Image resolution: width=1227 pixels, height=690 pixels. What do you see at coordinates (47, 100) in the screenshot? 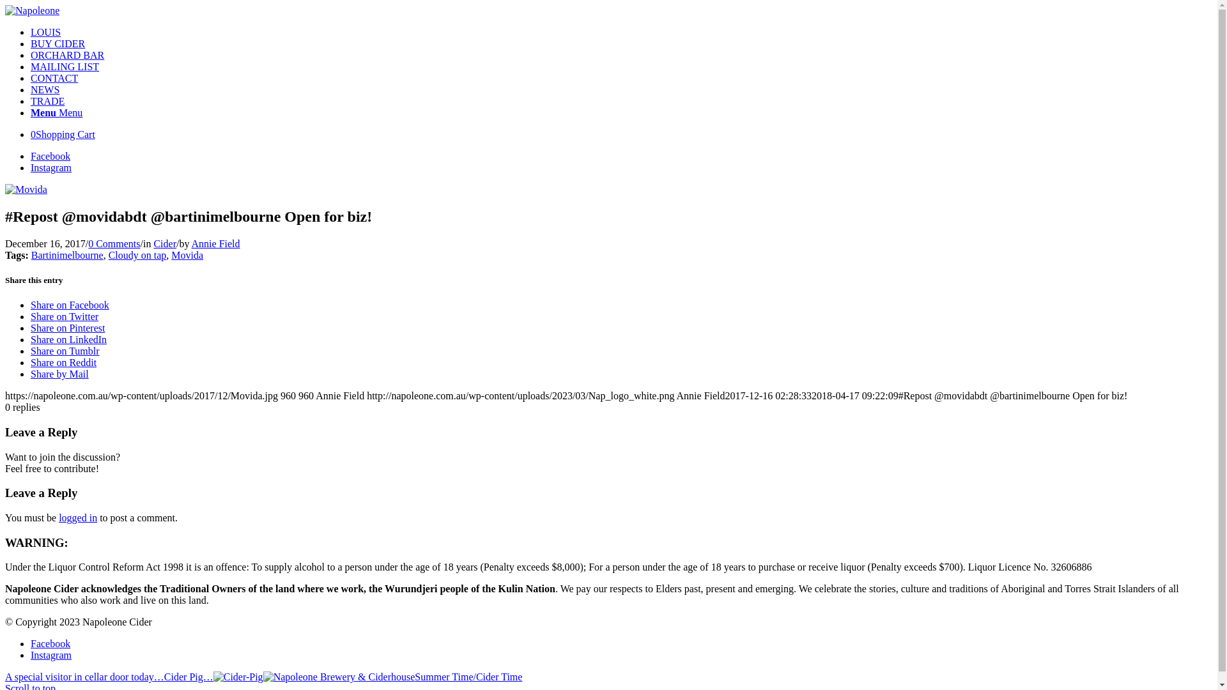
I see `'TRADE'` at bounding box center [47, 100].